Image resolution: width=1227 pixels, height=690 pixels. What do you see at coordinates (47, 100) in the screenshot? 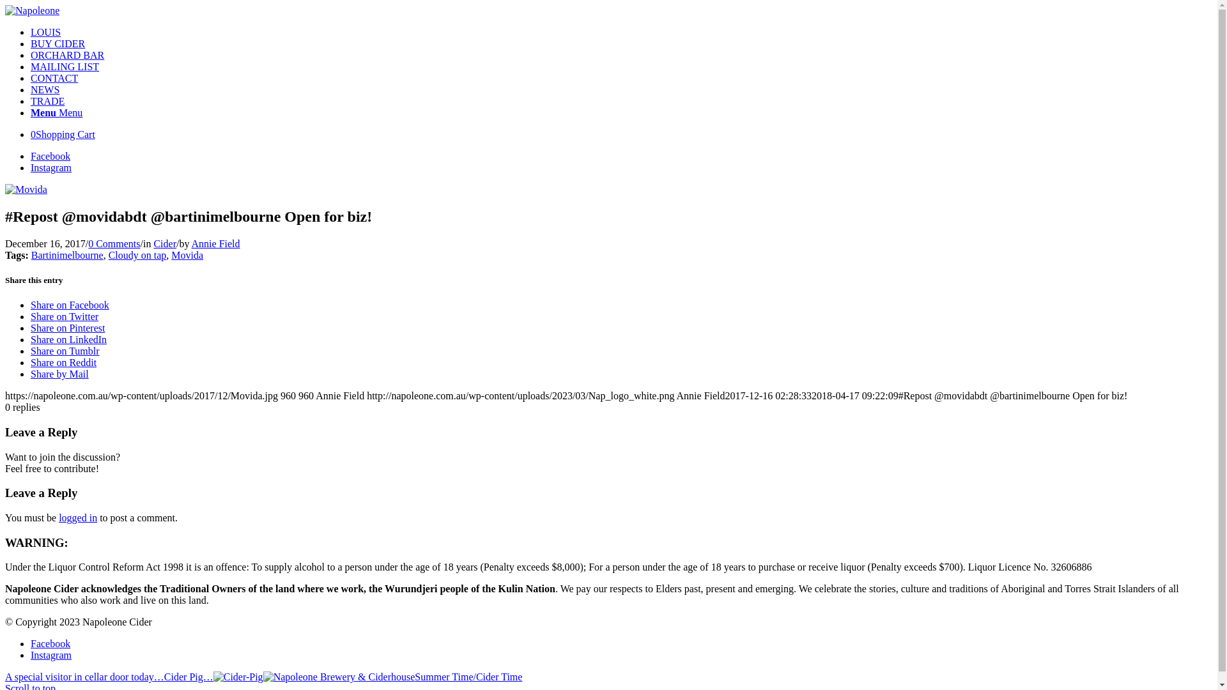
I see `'TRADE'` at bounding box center [47, 100].